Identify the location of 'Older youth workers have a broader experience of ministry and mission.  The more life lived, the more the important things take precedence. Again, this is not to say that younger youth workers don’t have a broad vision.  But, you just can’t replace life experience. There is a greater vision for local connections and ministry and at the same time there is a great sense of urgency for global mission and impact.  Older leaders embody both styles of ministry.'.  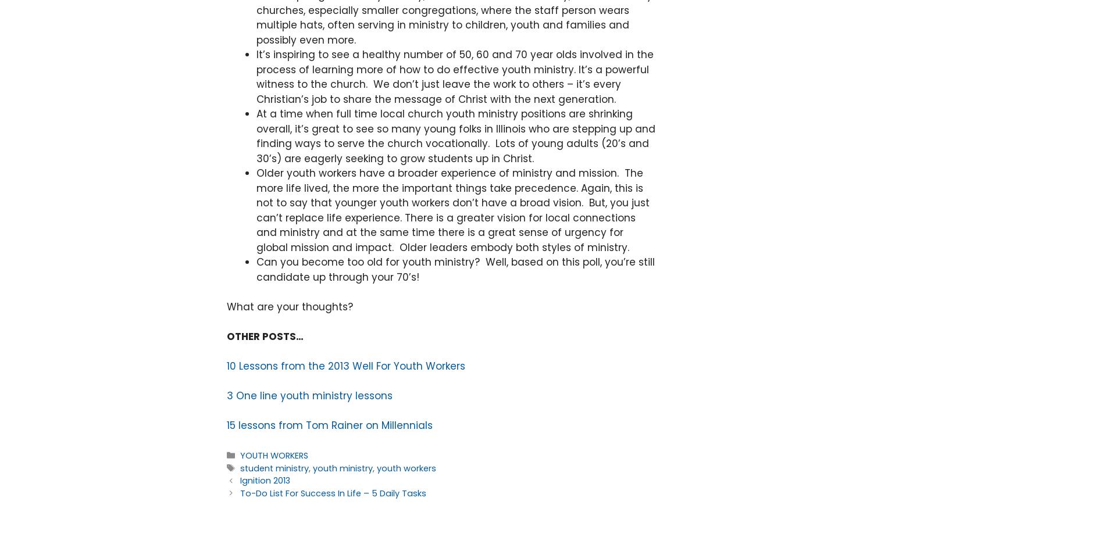
(255, 210).